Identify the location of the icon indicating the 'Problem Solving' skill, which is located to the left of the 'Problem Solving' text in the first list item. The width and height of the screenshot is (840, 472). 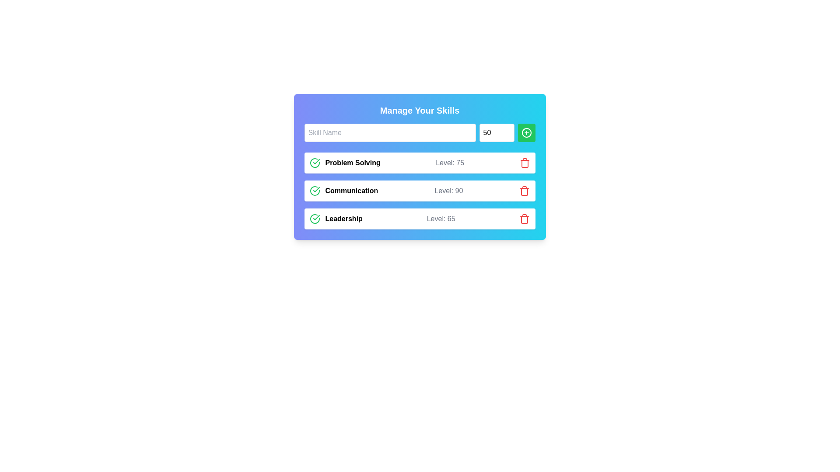
(315, 163).